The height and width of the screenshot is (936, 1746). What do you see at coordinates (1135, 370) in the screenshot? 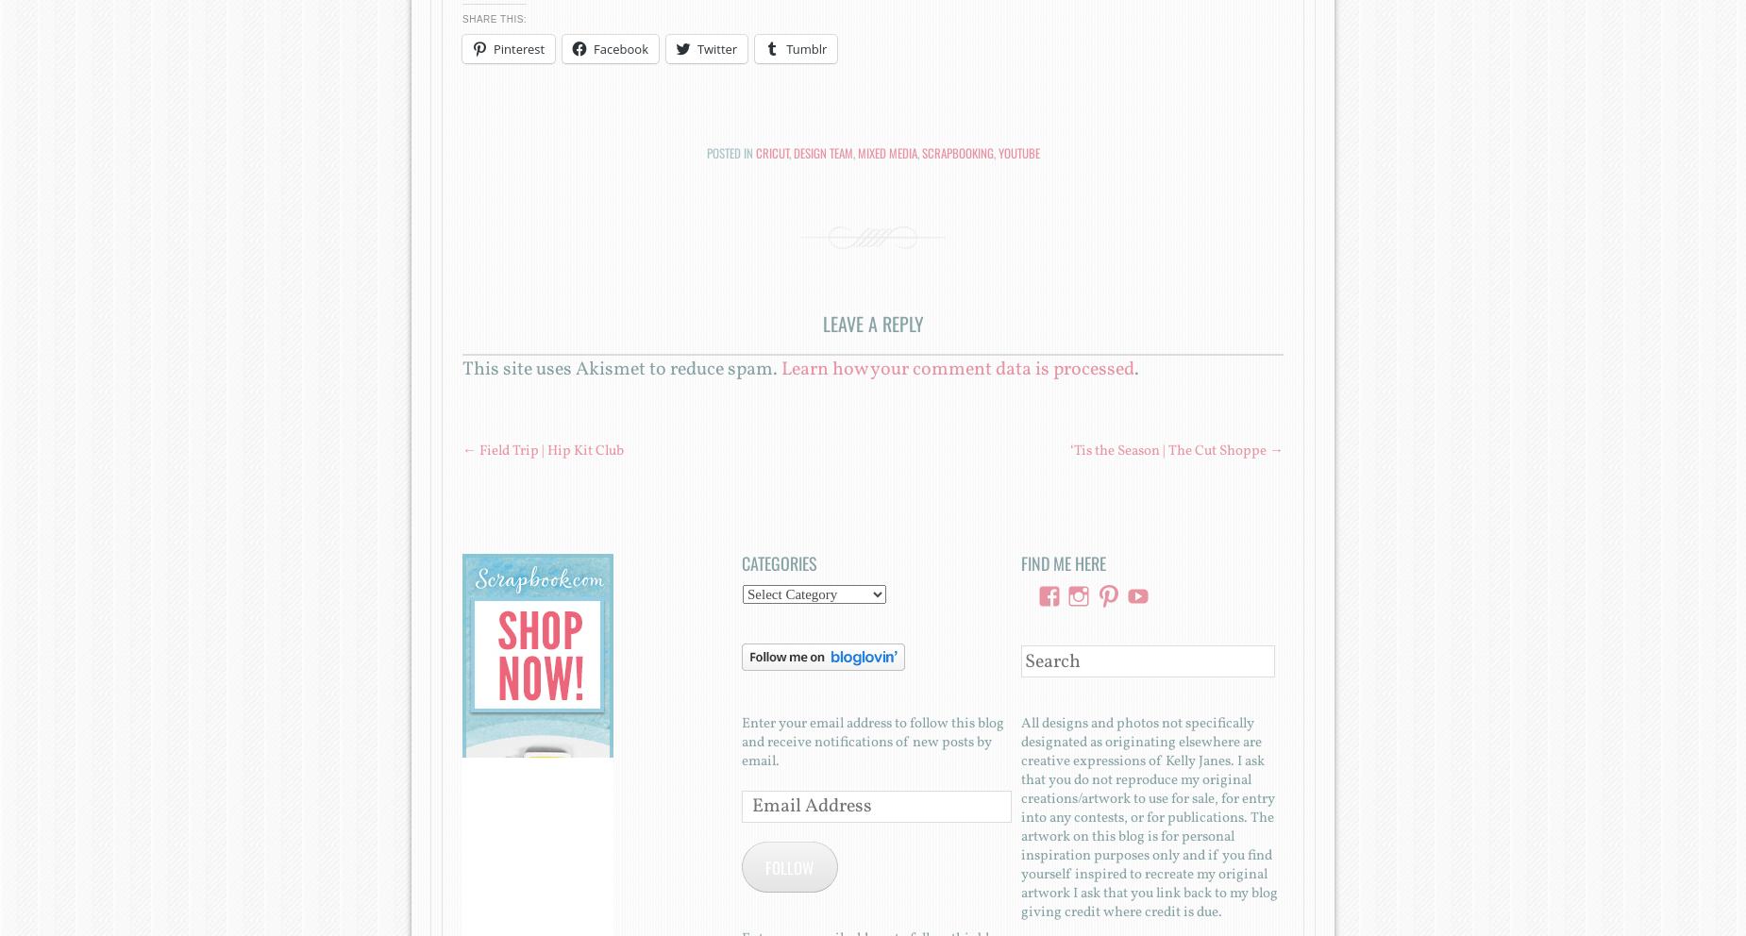
I see `'.'` at bounding box center [1135, 370].